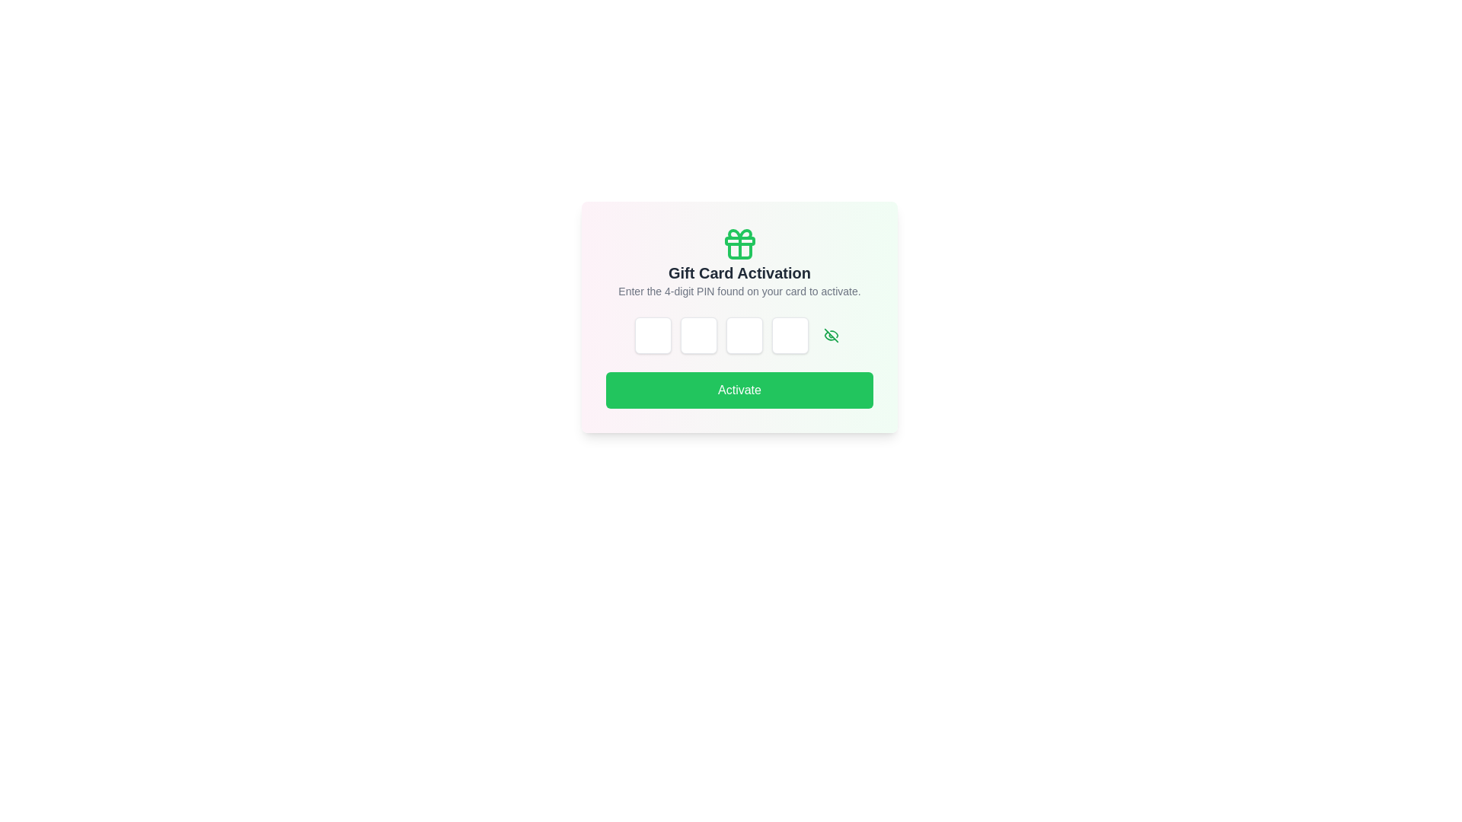  What do you see at coordinates (739, 390) in the screenshot?
I see `the 'Activate' button, which is a rectangular button with rounded edges, bright green background, and white text, located at the bottom of the card layout` at bounding box center [739, 390].